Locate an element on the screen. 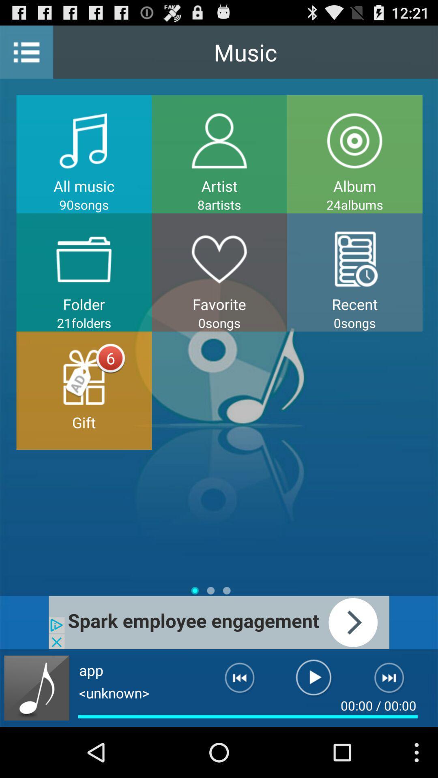  advertisement banner is located at coordinates (219, 622).